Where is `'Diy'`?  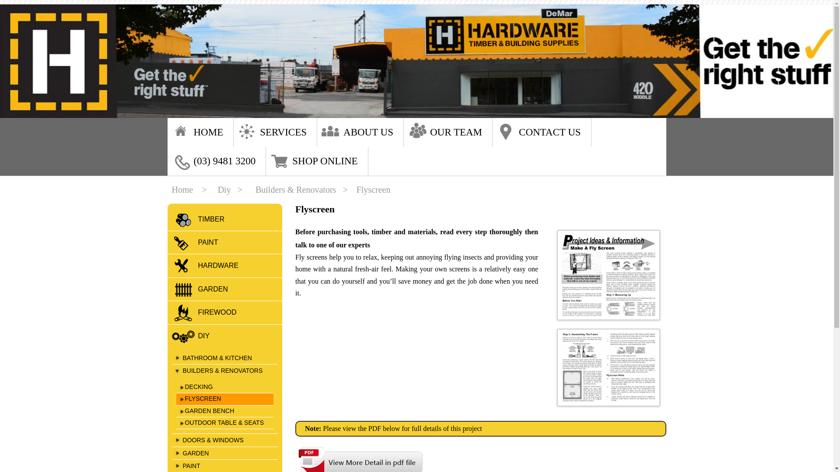 'Diy' is located at coordinates (224, 189).